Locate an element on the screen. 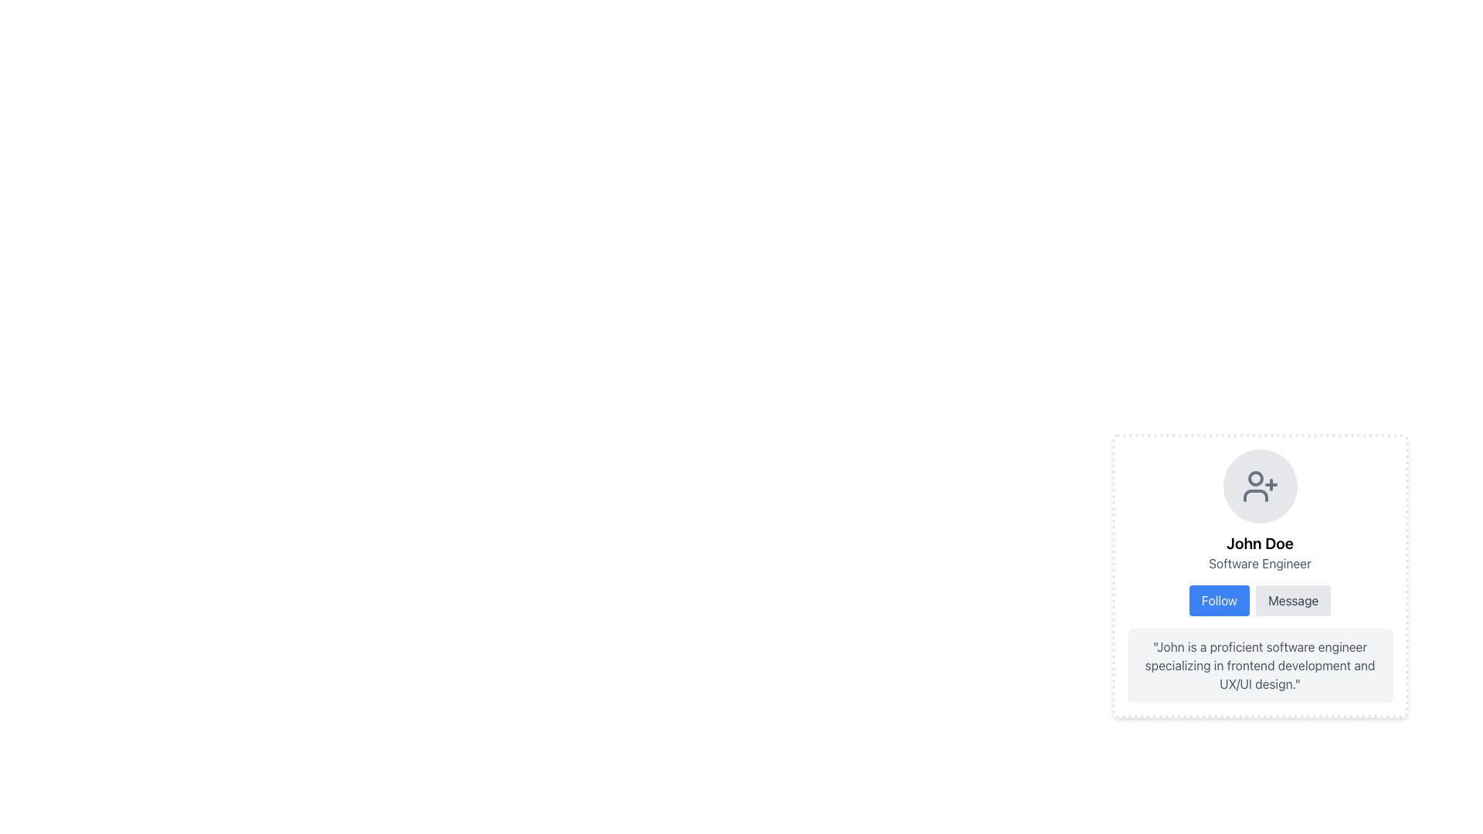  the dual-button group located at the bottom of the profile card, which contains the 'Follow' button on the left and the 'Message' button on the right is located at coordinates (1260, 600).